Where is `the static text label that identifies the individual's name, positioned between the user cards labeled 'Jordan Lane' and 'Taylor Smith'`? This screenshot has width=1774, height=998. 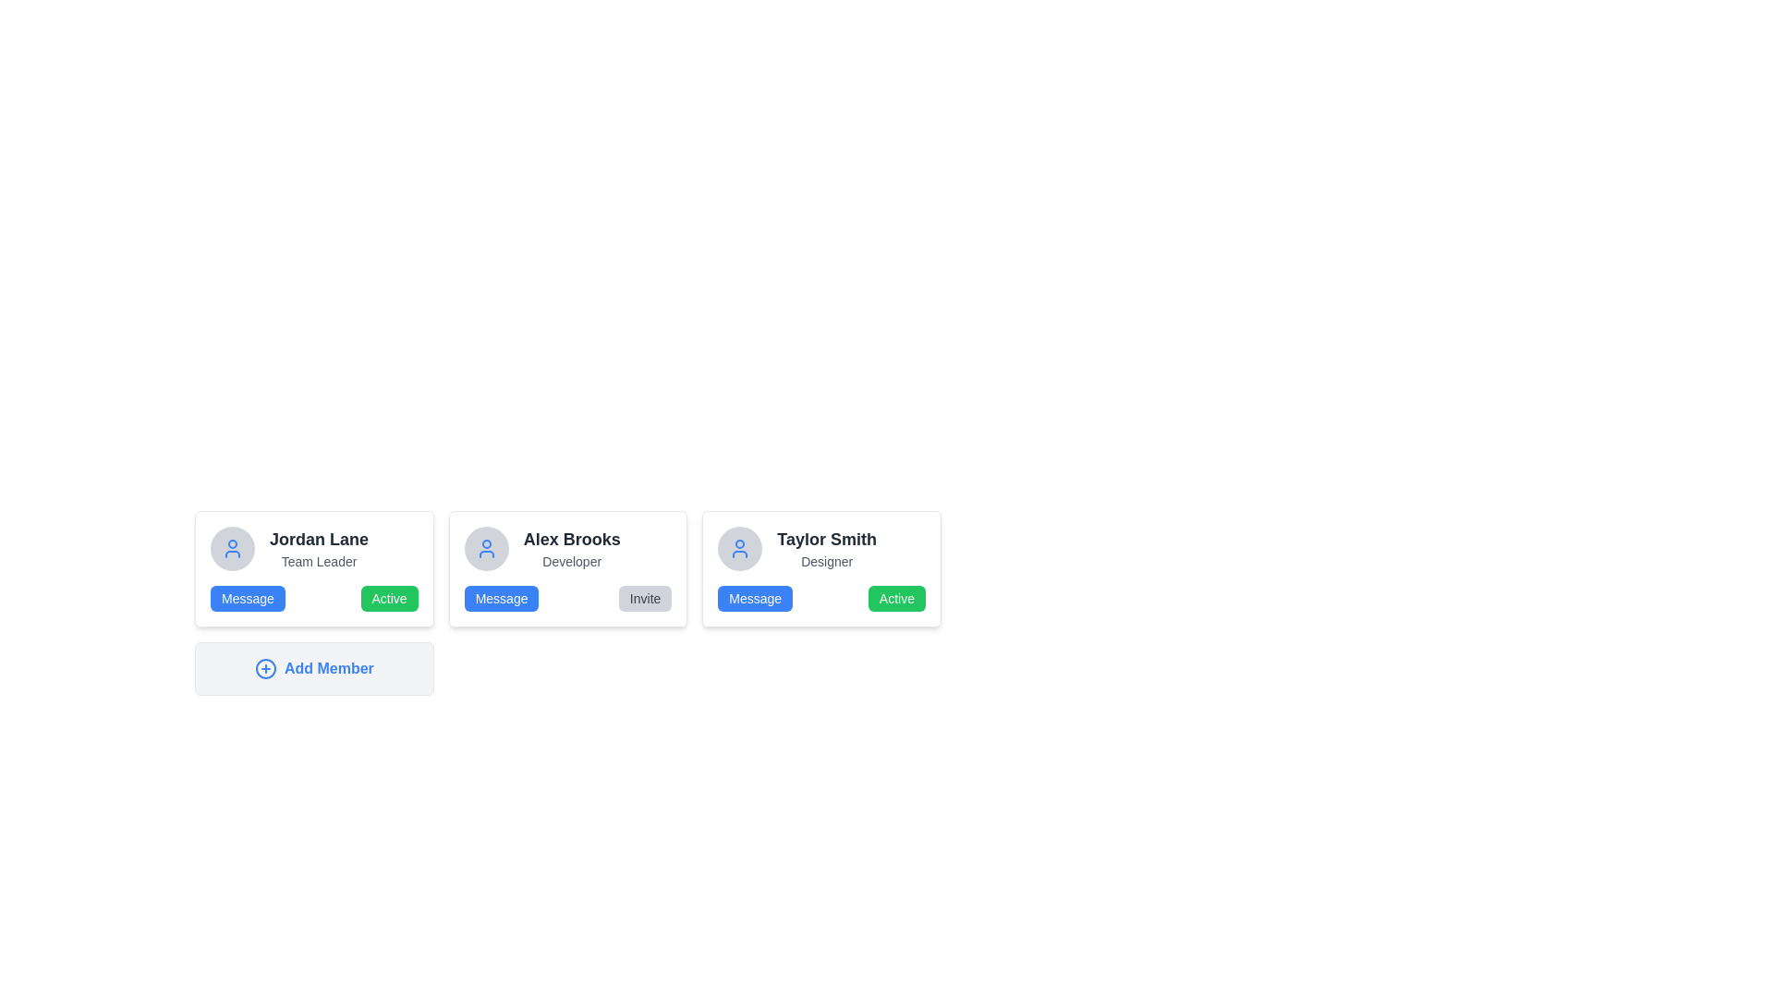
the static text label that identifies the individual's name, positioned between the user cards labeled 'Jordan Lane' and 'Taylor Smith' is located at coordinates (571, 539).